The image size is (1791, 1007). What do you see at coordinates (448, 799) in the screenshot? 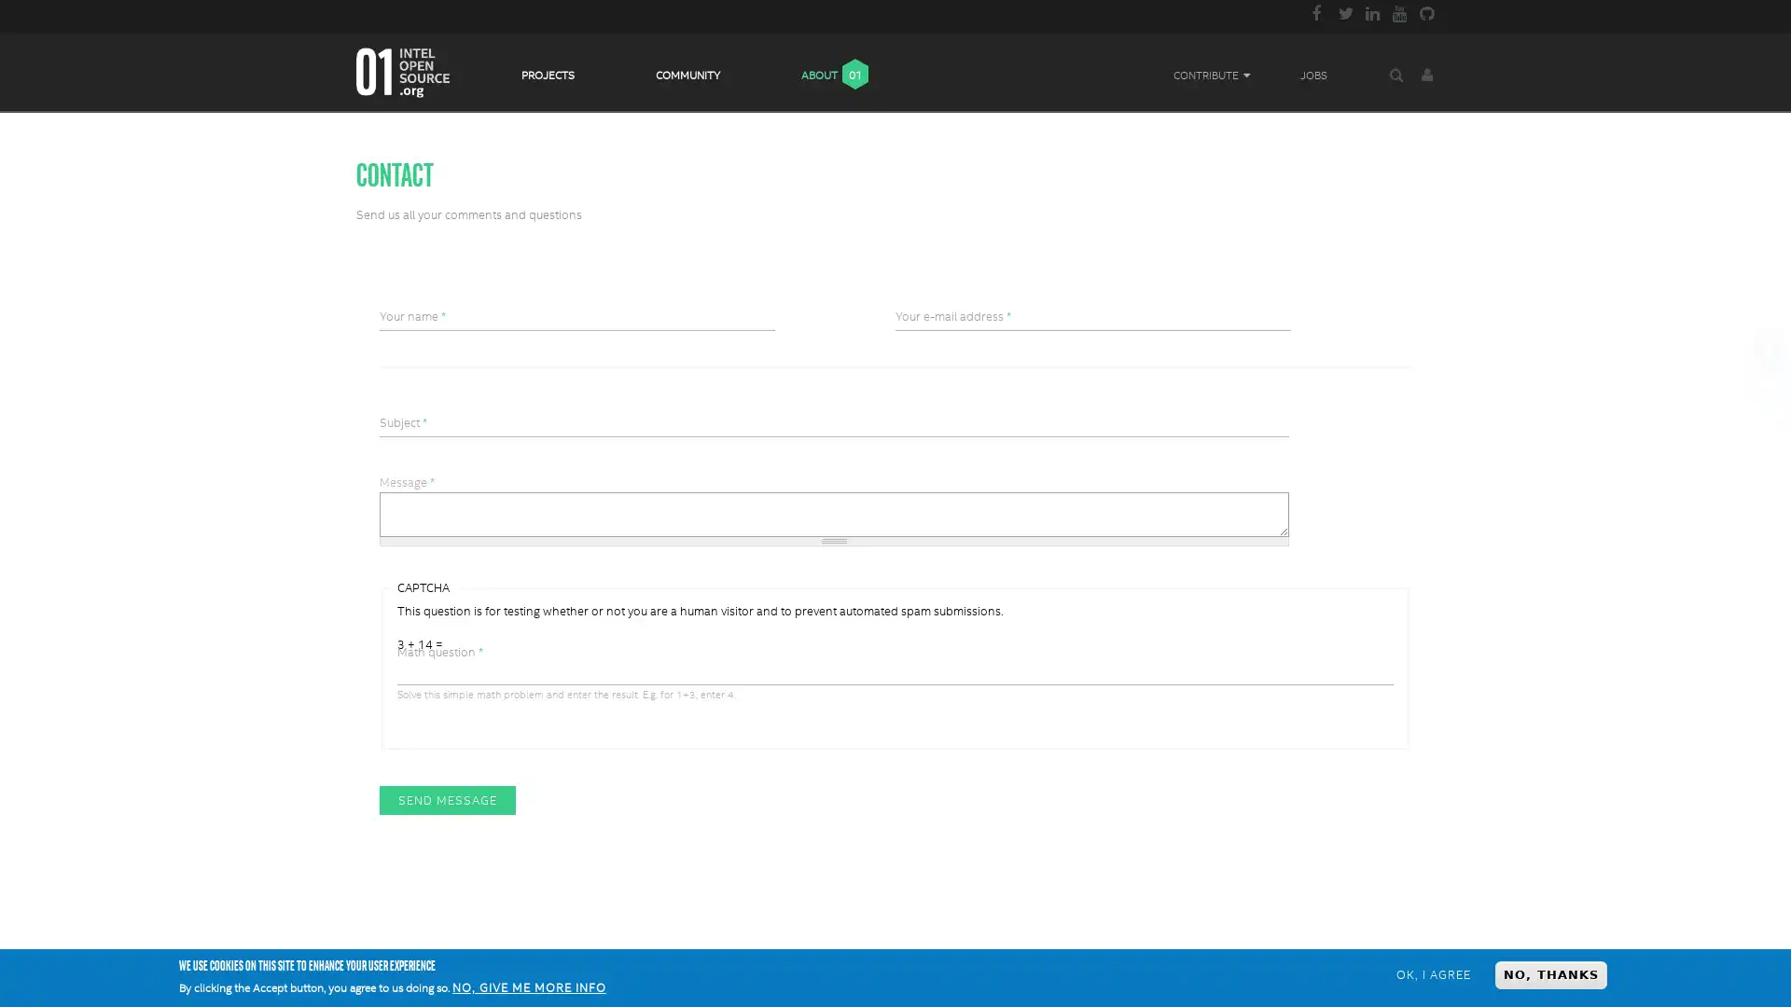
I see `Send message` at bounding box center [448, 799].